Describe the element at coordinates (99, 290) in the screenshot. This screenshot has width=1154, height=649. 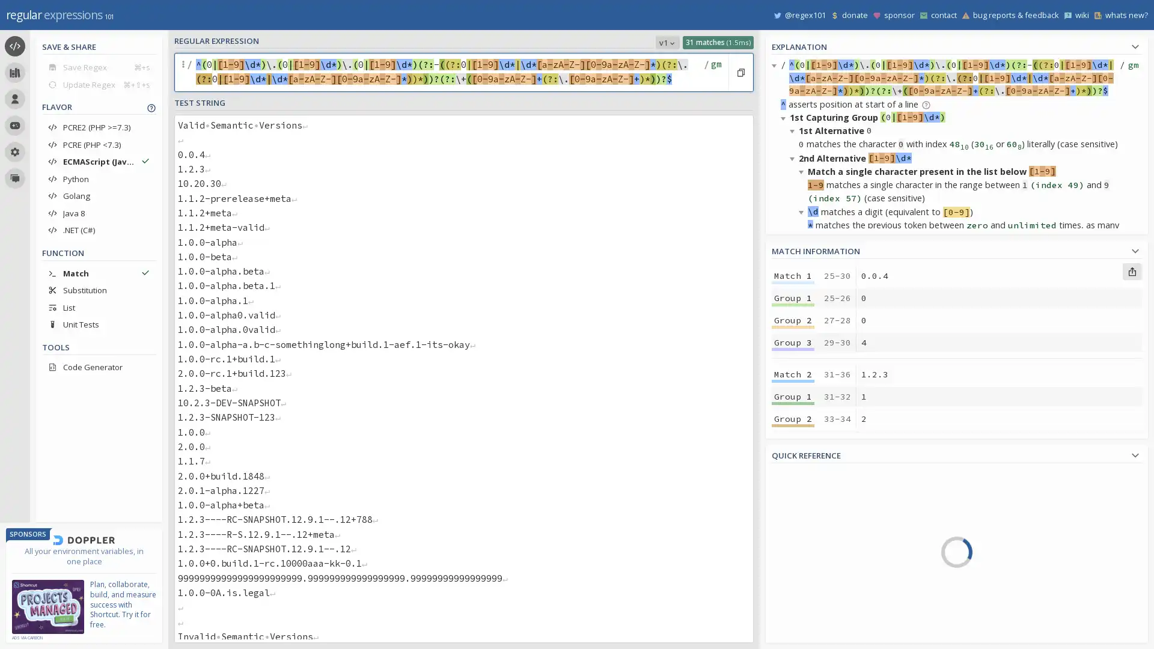
I see `Substitution` at that location.